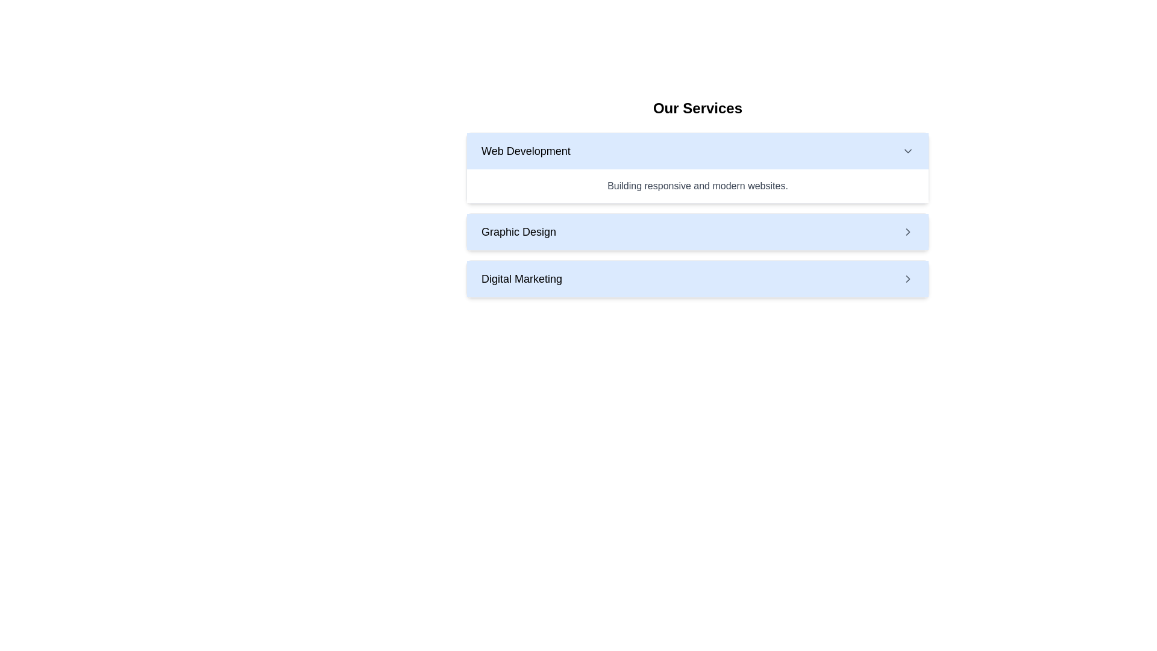 The height and width of the screenshot is (651, 1157). Describe the element at coordinates (697, 215) in the screenshot. I see `the 'Graphic Design' item in the services list under the 'Web Development' section` at that location.